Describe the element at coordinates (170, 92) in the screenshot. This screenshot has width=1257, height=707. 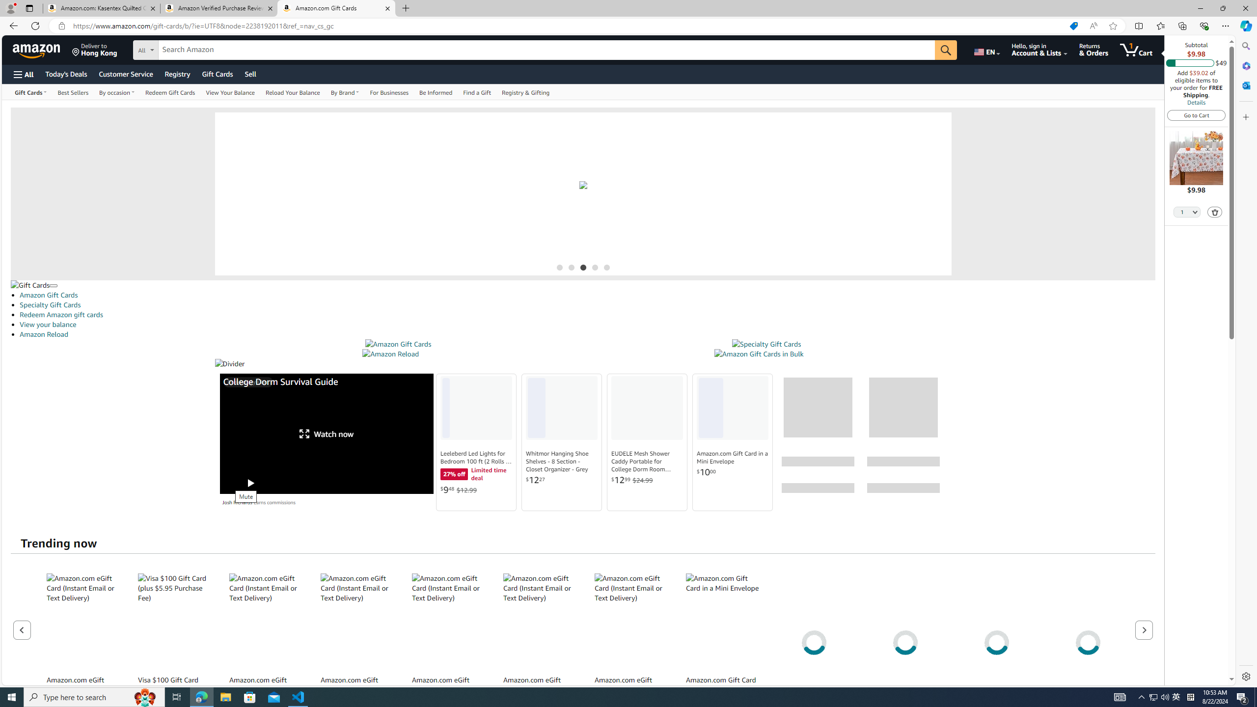
I see `'Redeem Gift Cards'` at that location.